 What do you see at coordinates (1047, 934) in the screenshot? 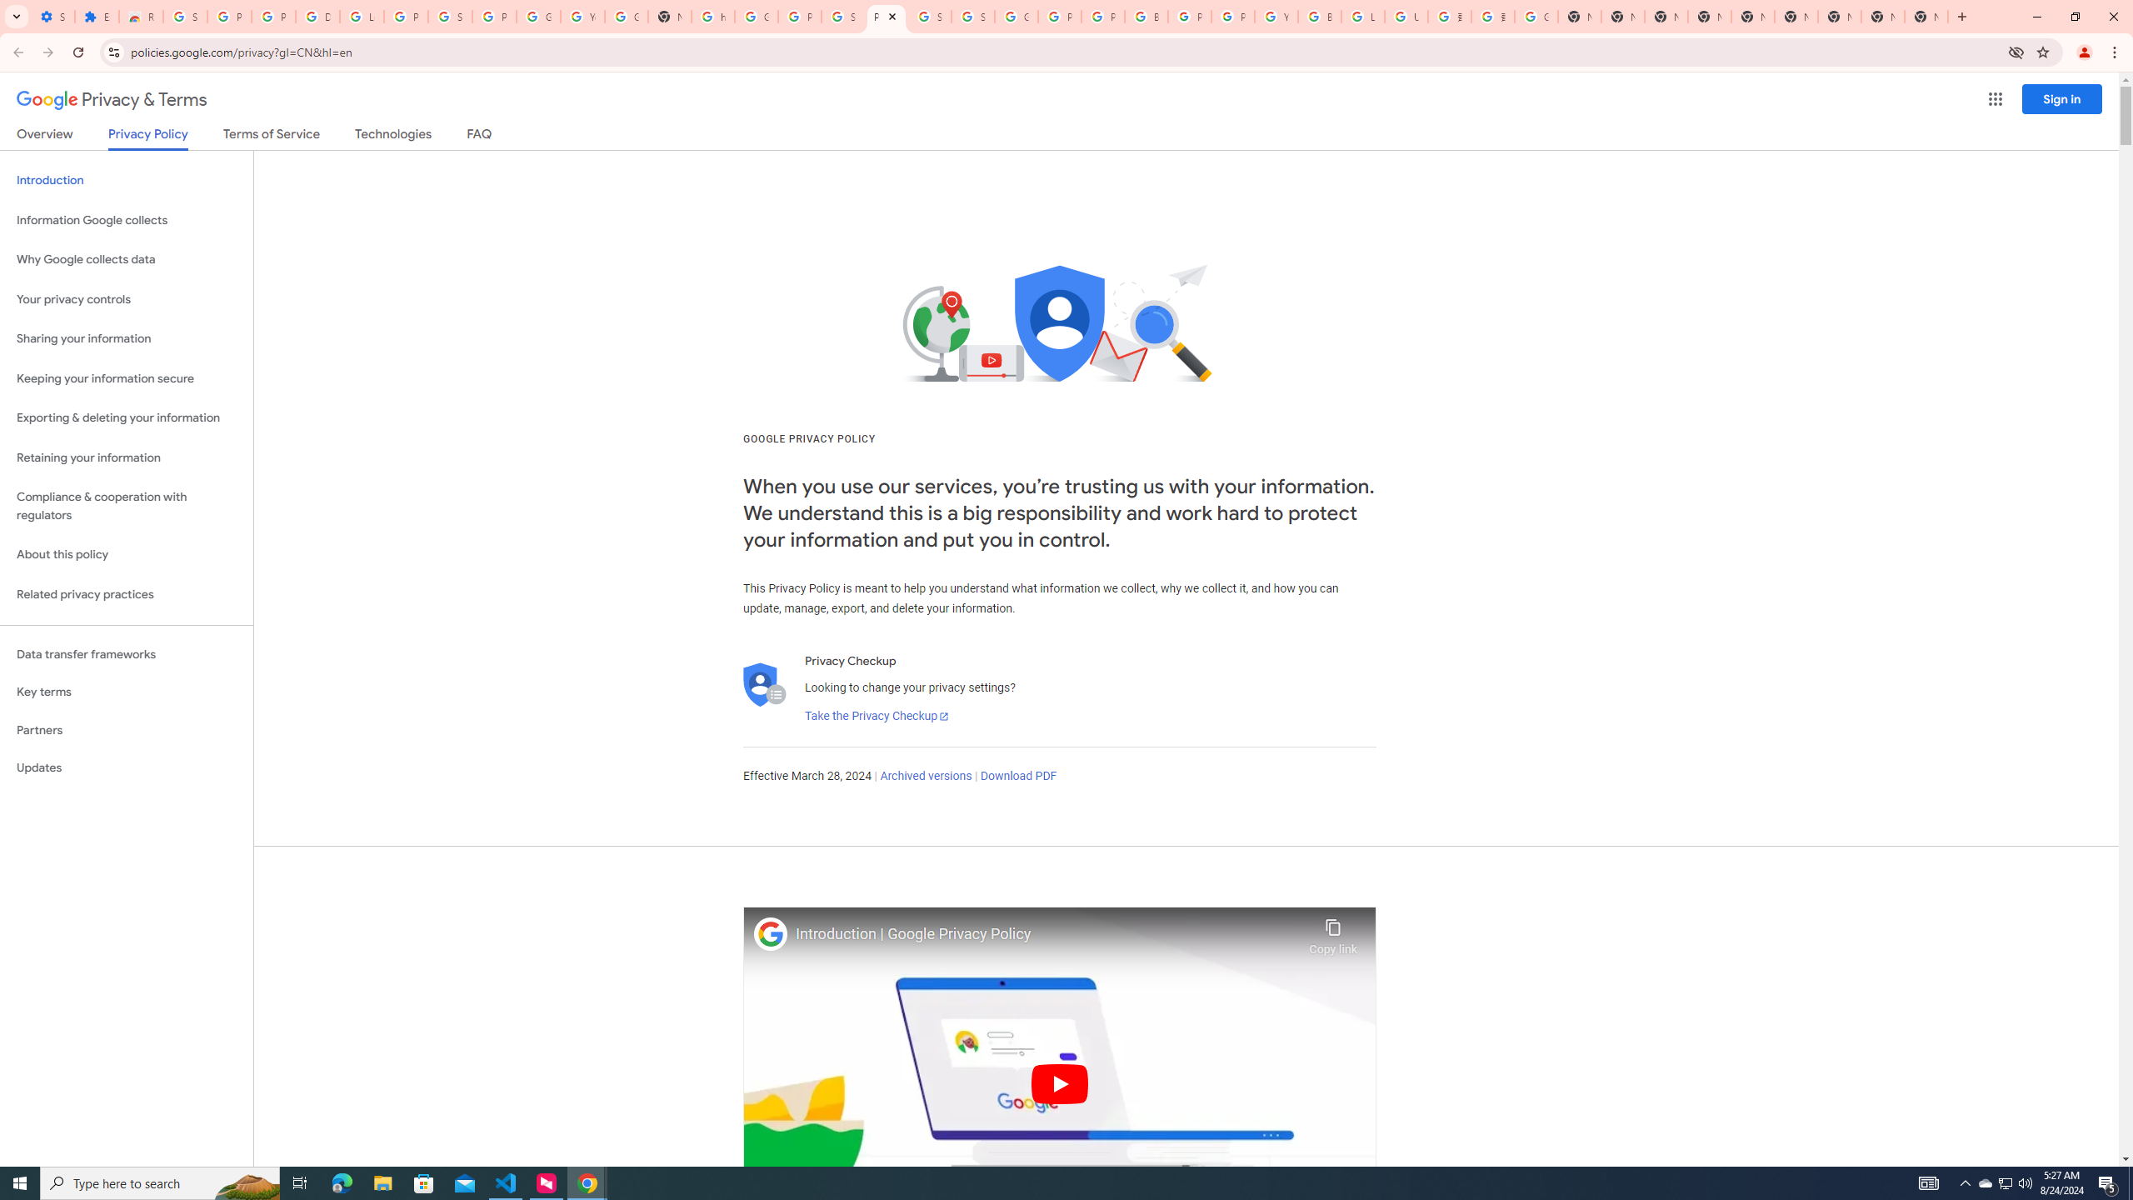
I see `'Introduction | Google Privacy Policy'` at bounding box center [1047, 934].